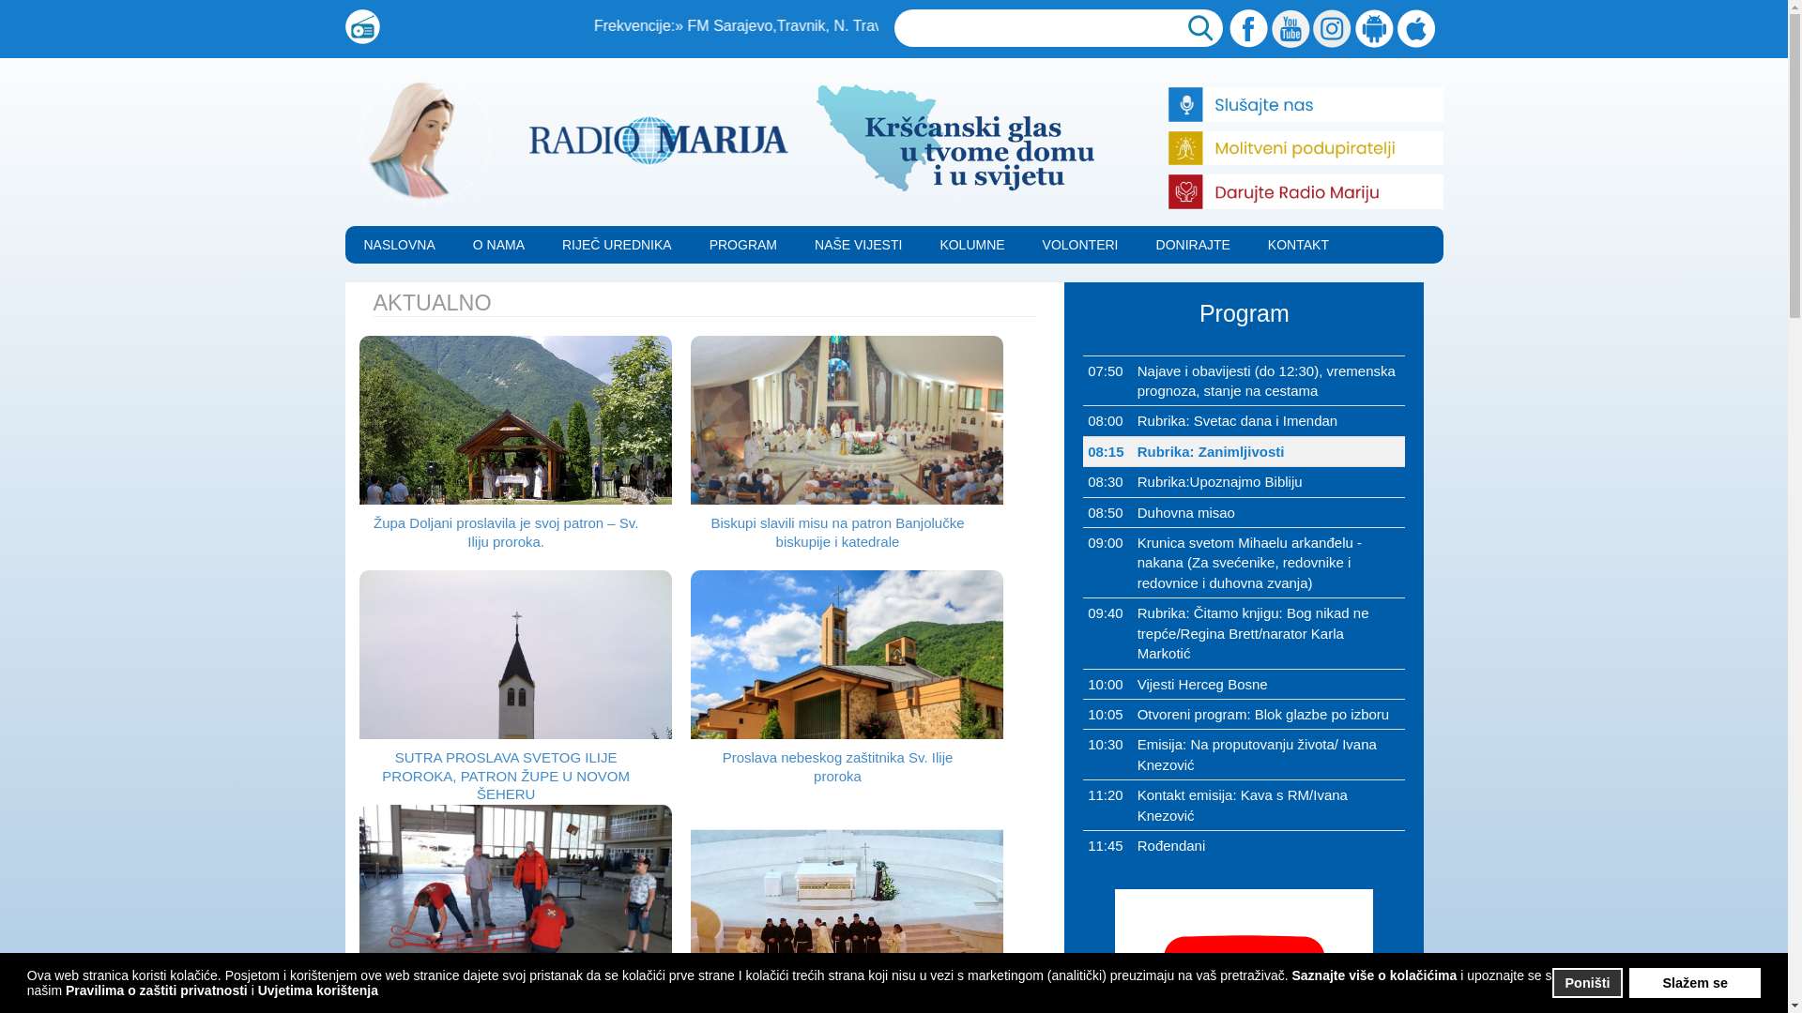  Describe the element at coordinates (1136, 244) in the screenshot. I see `'DONIRAJTE'` at that location.